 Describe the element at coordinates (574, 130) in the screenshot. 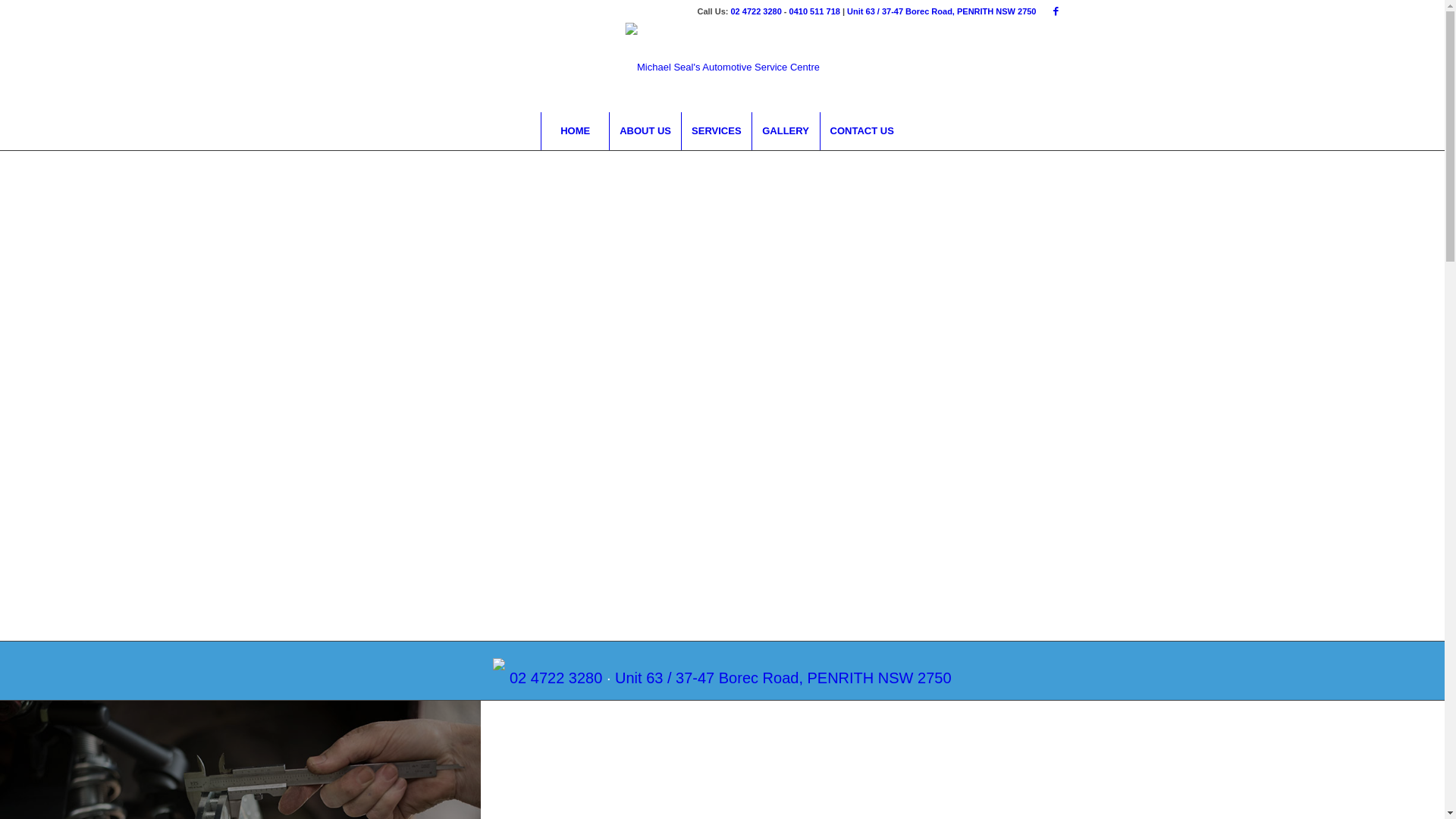

I see `'HOME'` at that location.